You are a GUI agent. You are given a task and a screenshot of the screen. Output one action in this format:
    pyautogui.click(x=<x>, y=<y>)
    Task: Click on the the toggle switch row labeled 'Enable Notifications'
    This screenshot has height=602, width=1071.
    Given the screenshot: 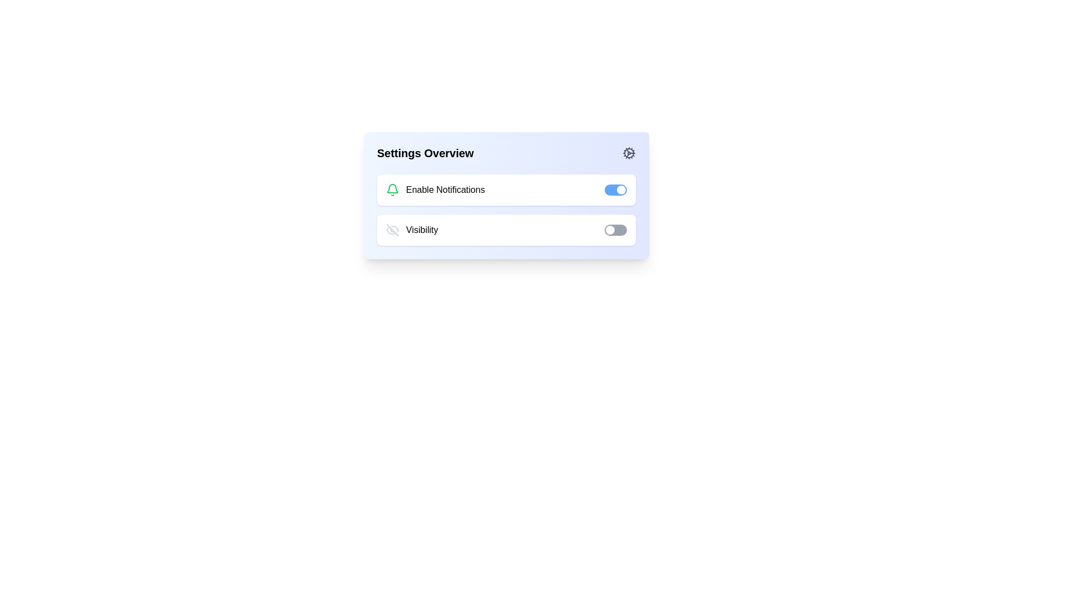 What is the action you would take?
    pyautogui.click(x=505, y=189)
    